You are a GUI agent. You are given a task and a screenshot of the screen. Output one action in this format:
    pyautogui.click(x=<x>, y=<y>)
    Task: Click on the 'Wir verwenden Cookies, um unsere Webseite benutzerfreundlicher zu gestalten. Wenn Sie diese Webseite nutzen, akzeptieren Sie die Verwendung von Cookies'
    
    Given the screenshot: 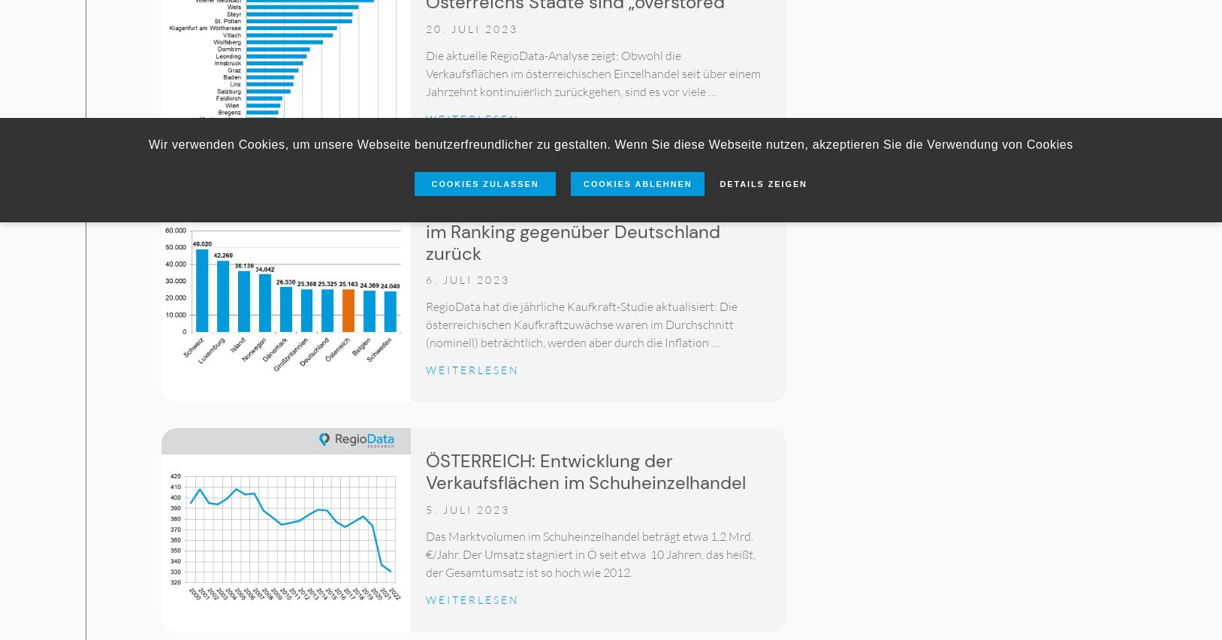 What is the action you would take?
    pyautogui.click(x=610, y=143)
    